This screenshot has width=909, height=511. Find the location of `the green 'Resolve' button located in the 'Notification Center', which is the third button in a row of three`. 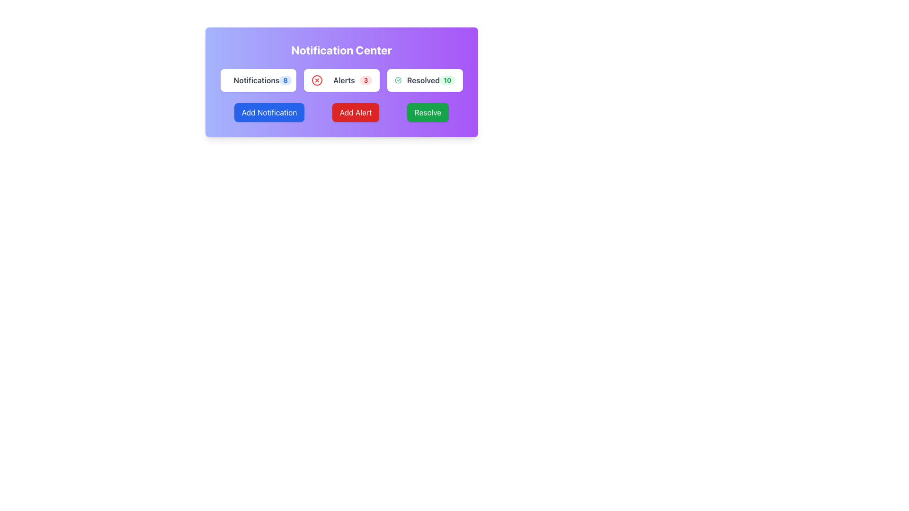

the green 'Resolve' button located in the 'Notification Center', which is the third button in a row of three is located at coordinates (427, 112).